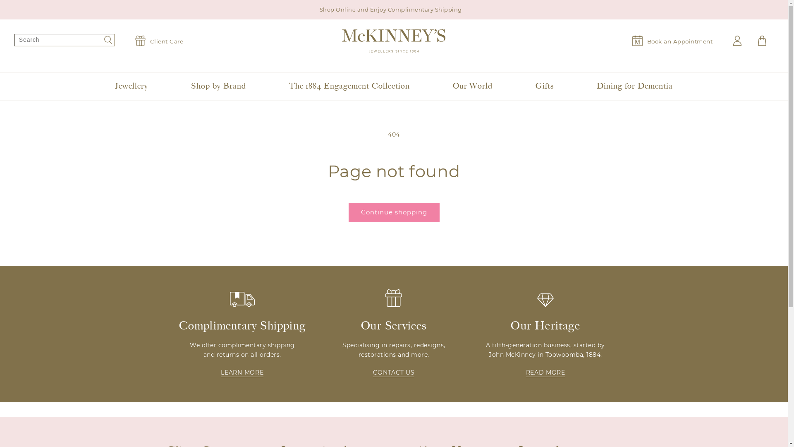 This screenshot has width=794, height=447. Describe the element at coordinates (634, 86) in the screenshot. I see `'Dining for Dementia'` at that location.